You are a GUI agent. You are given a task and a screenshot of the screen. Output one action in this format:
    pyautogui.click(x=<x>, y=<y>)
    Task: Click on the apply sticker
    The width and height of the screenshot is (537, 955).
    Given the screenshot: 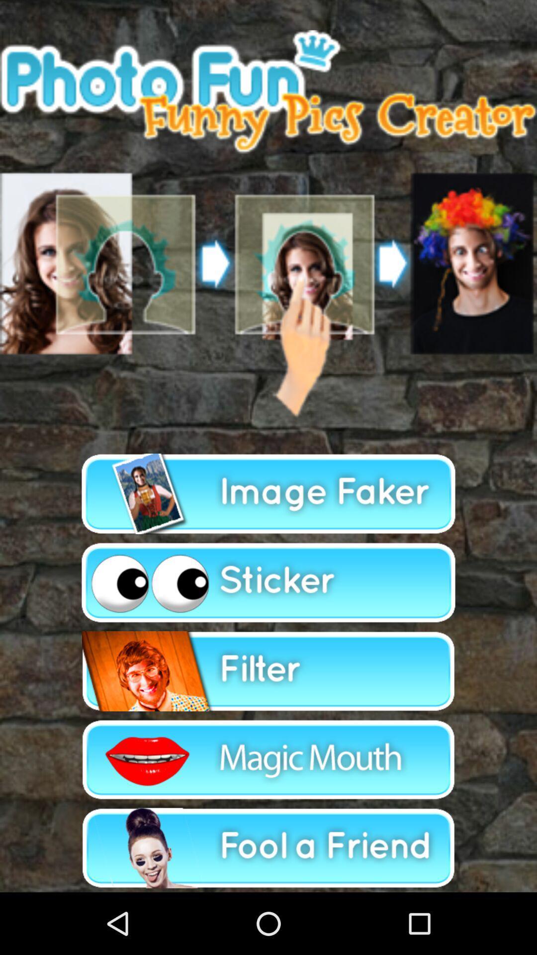 What is the action you would take?
    pyautogui.click(x=268, y=582)
    